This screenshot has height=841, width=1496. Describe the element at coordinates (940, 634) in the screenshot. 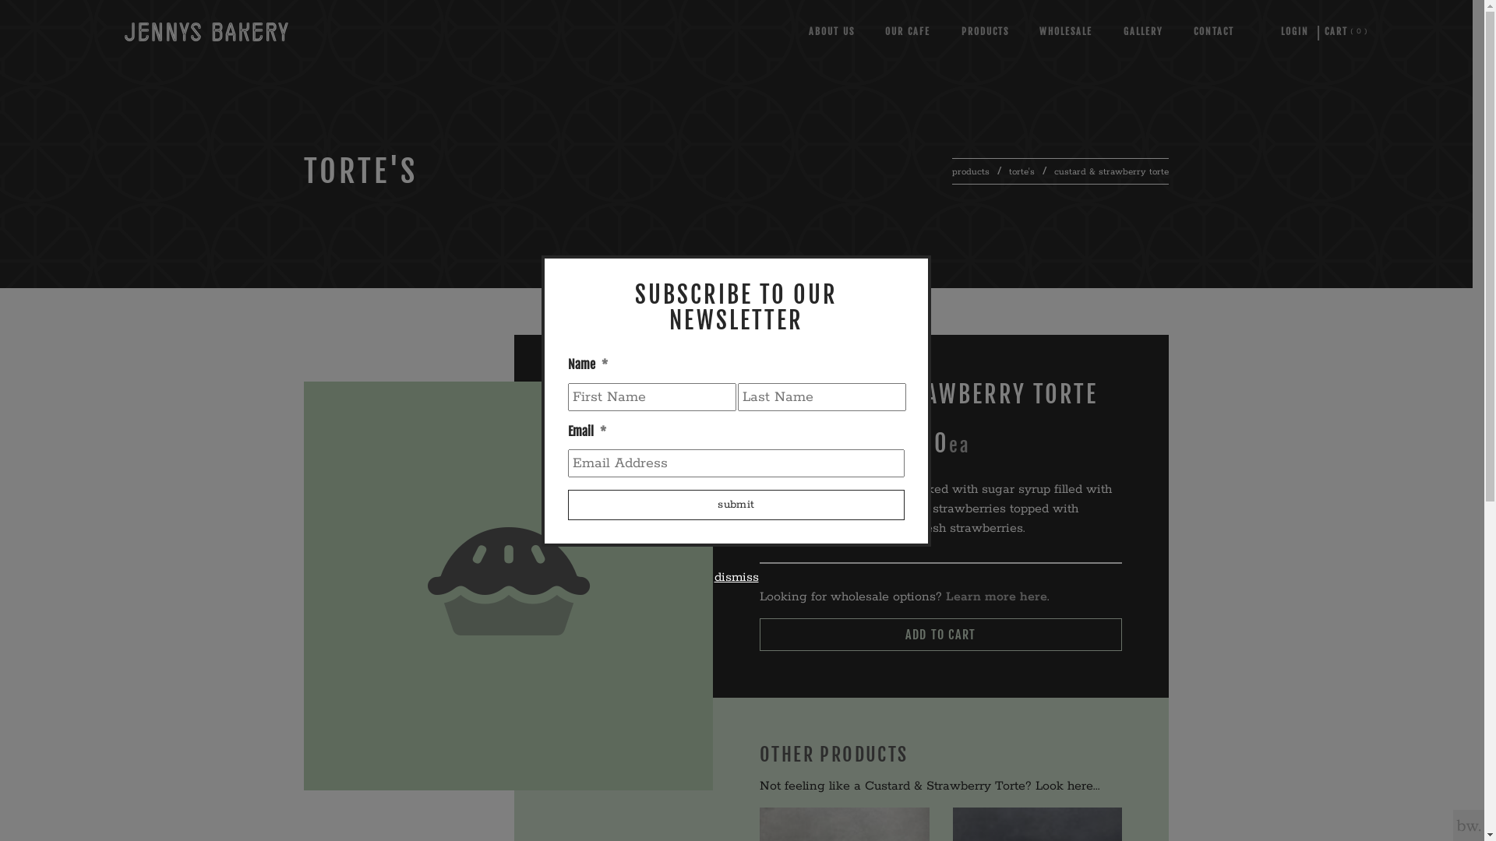

I see `'ADD TO CART'` at that location.